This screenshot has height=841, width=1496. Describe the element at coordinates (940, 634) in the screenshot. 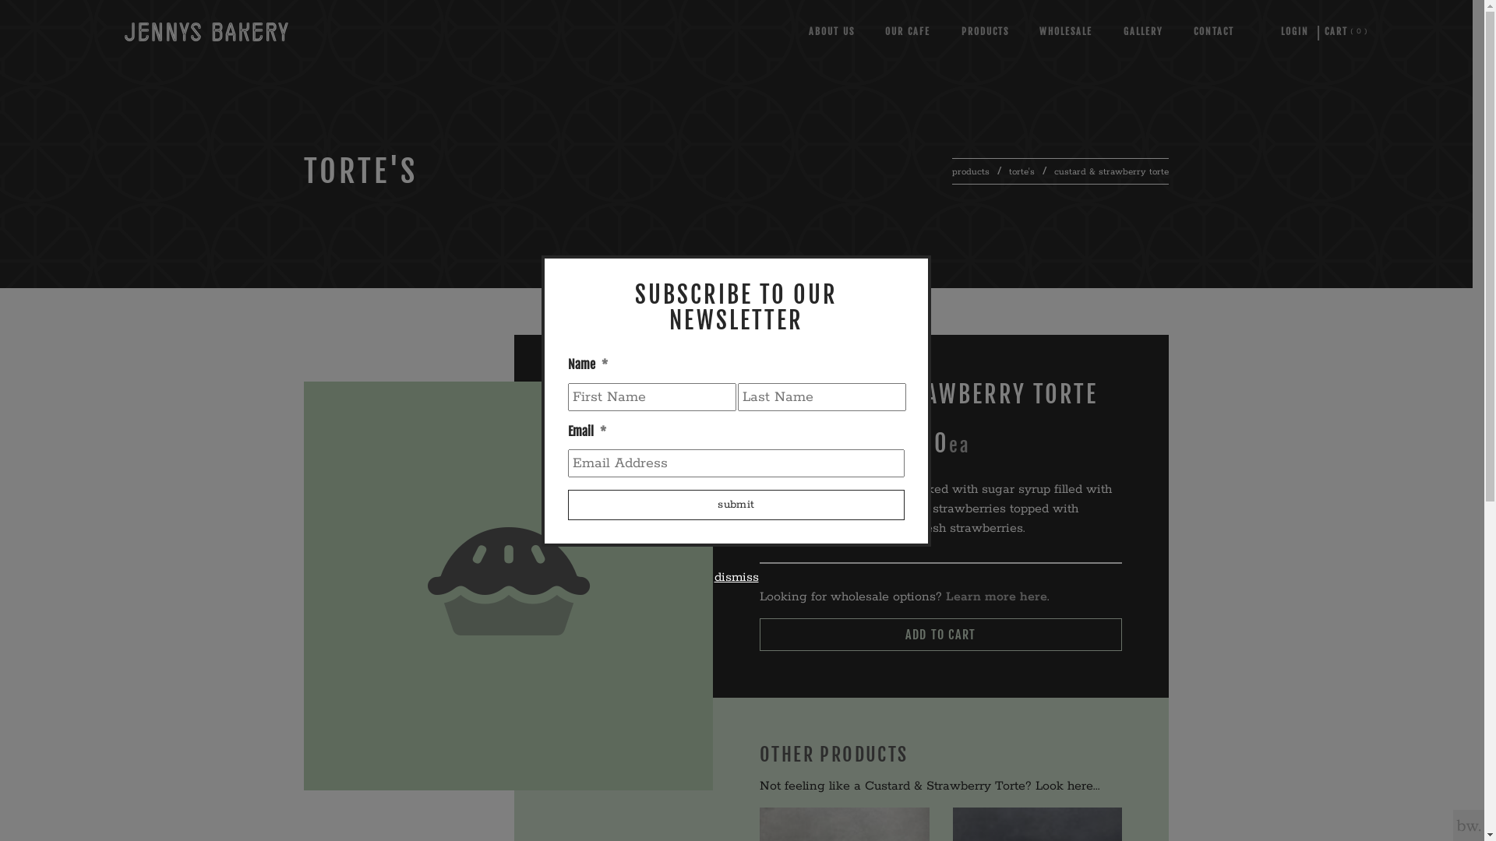

I see `'ADD TO CART'` at that location.